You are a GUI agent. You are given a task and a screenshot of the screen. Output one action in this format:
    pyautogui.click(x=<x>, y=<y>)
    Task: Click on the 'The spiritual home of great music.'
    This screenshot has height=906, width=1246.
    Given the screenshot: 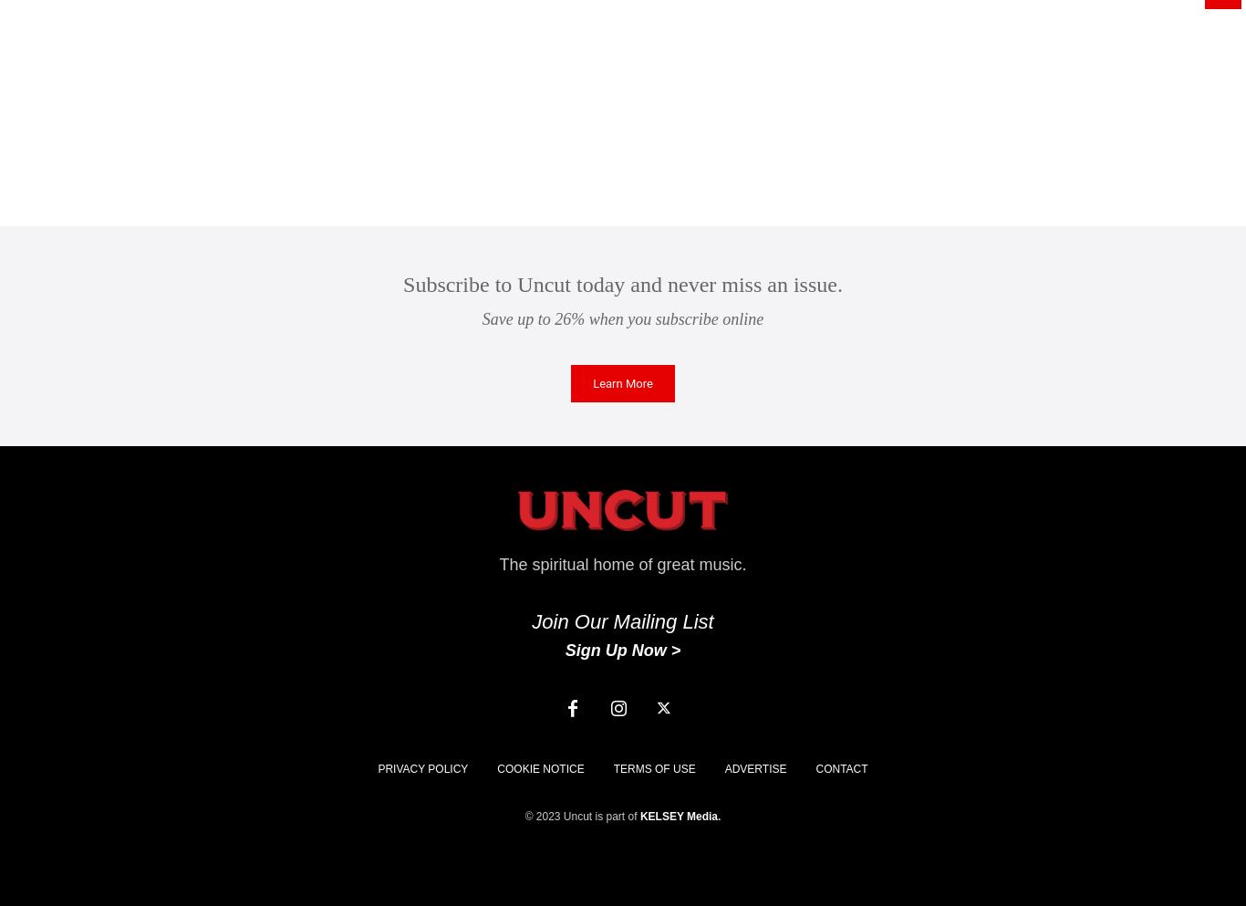 What is the action you would take?
    pyautogui.click(x=621, y=564)
    